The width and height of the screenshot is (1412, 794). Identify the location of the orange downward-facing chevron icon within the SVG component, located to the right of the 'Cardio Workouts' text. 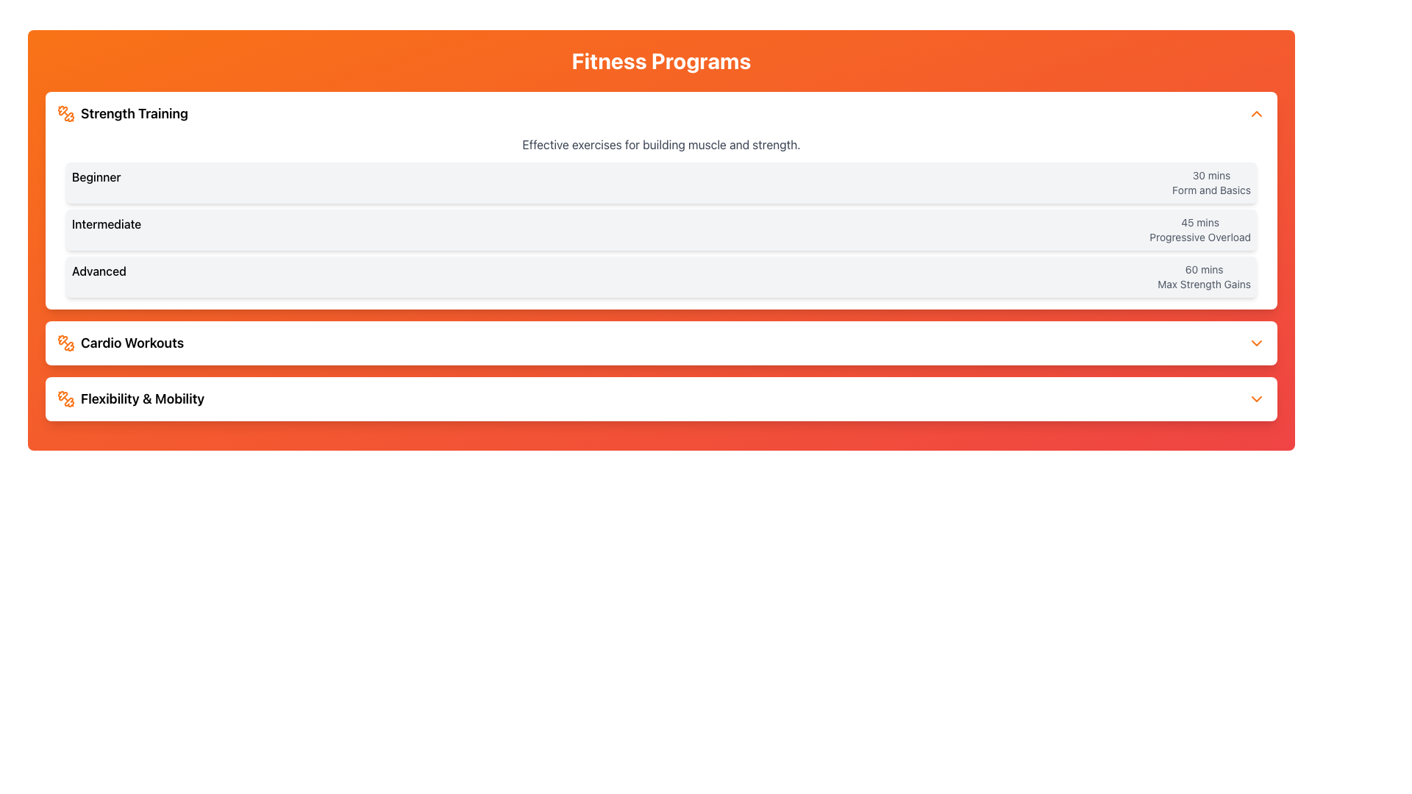
(1255, 343).